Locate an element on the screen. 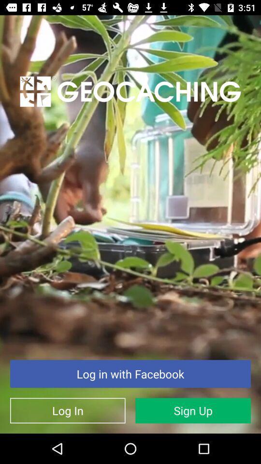  item below the log in with icon is located at coordinates (193, 410).